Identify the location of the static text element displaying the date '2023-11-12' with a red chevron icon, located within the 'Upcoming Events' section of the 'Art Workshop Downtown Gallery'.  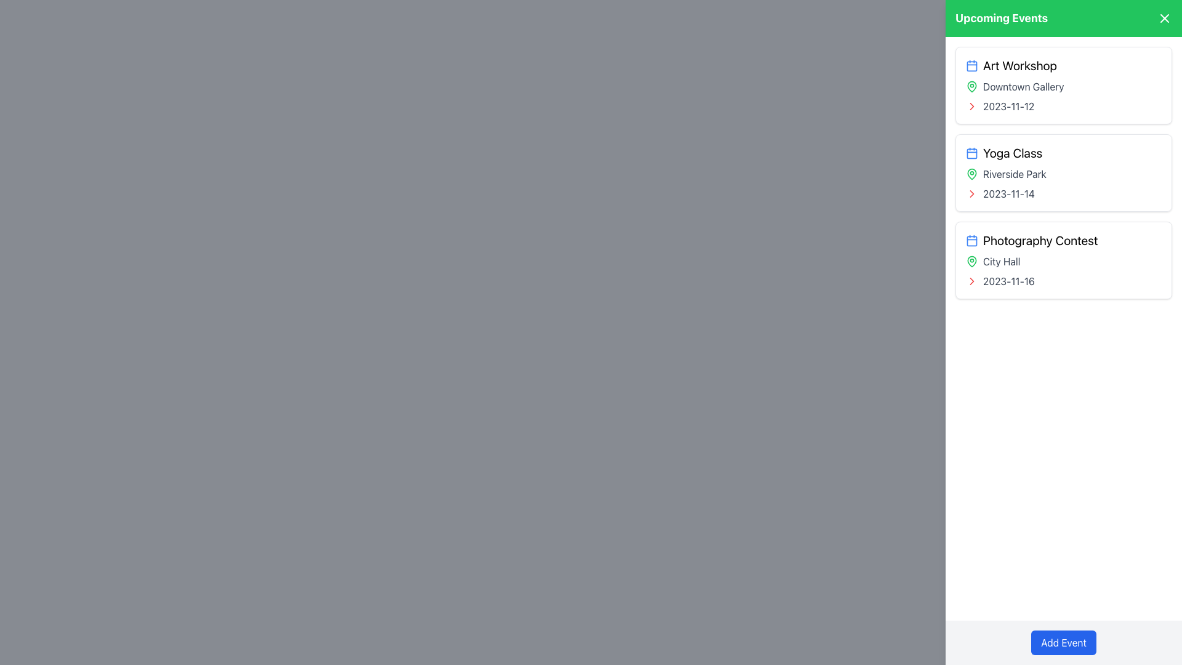
(1063, 106).